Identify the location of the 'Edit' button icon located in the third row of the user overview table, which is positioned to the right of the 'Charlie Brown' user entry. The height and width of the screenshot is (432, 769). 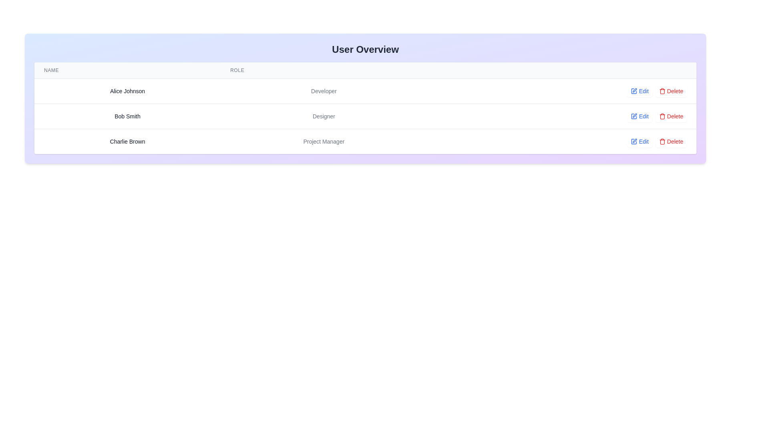
(634, 141).